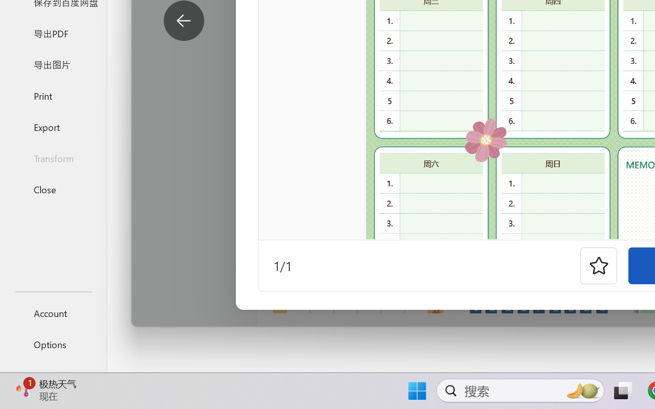 This screenshot has width=655, height=409. What do you see at coordinates (53, 126) in the screenshot?
I see `'Export'` at bounding box center [53, 126].